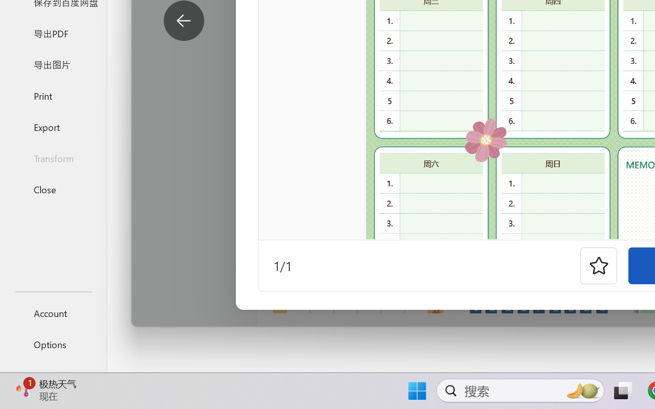 This screenshot has width=655, height=409. What do you see at coordinates (53, 126) in the screenshot?
I see `'Export'` at bounding box center [53, 126].